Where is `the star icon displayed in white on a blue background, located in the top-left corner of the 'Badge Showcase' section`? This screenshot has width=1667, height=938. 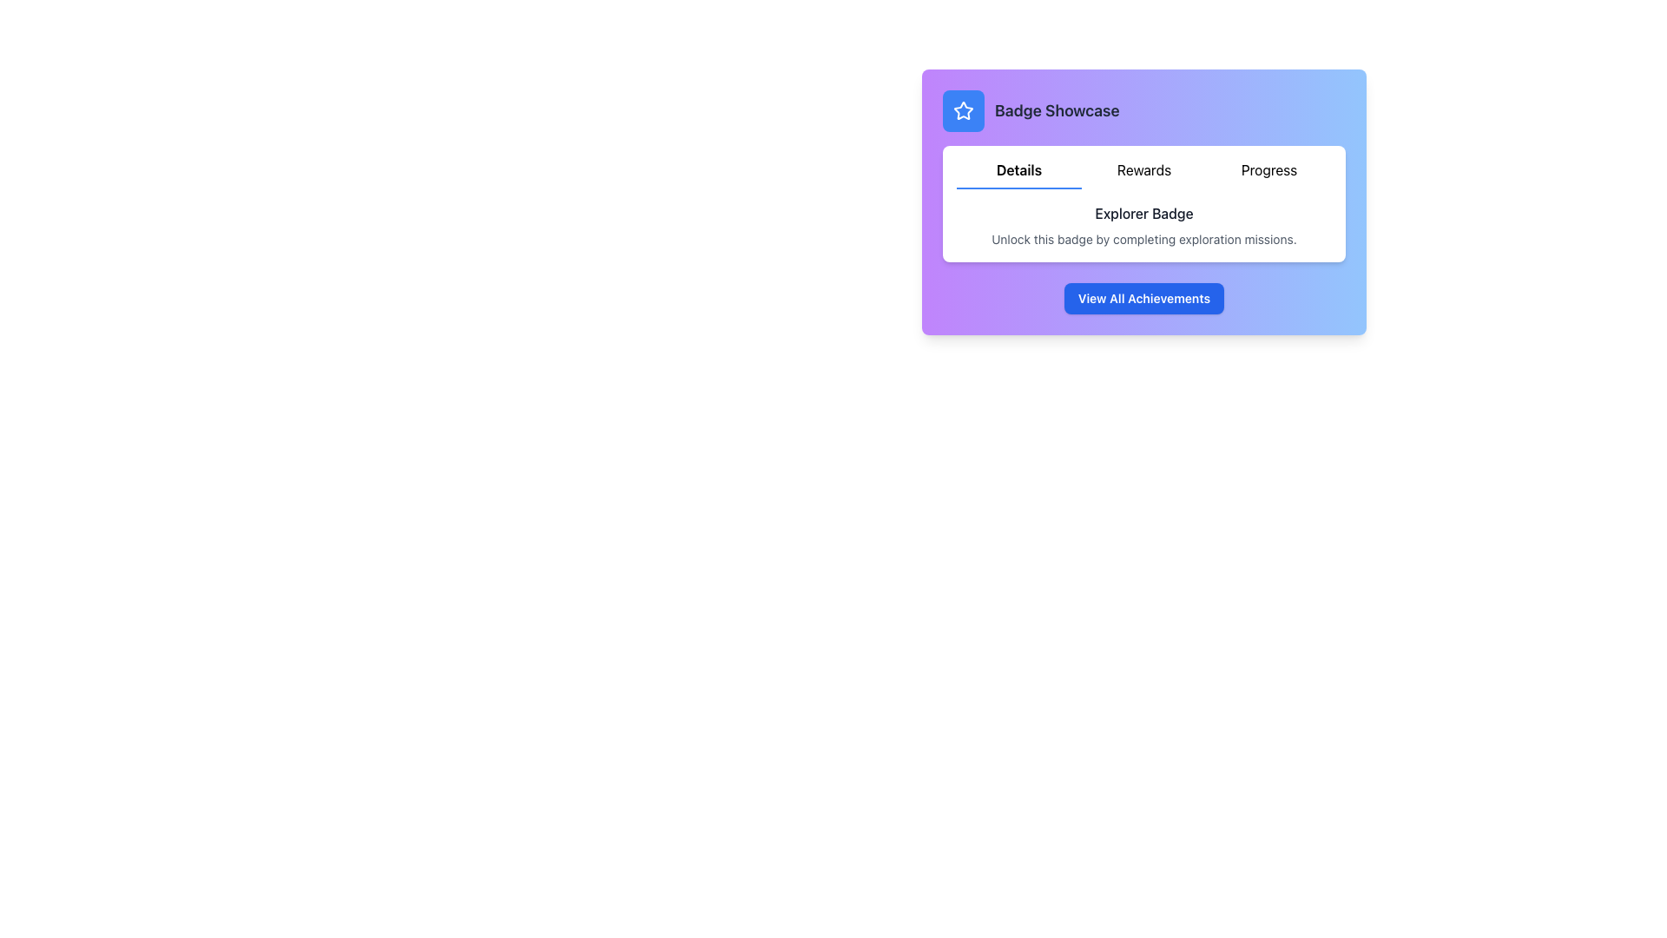 the star icon displayed in white on a blue background, located in the top-left corner of the 'Badge Showcase' section is located at coordinates (962, 110).